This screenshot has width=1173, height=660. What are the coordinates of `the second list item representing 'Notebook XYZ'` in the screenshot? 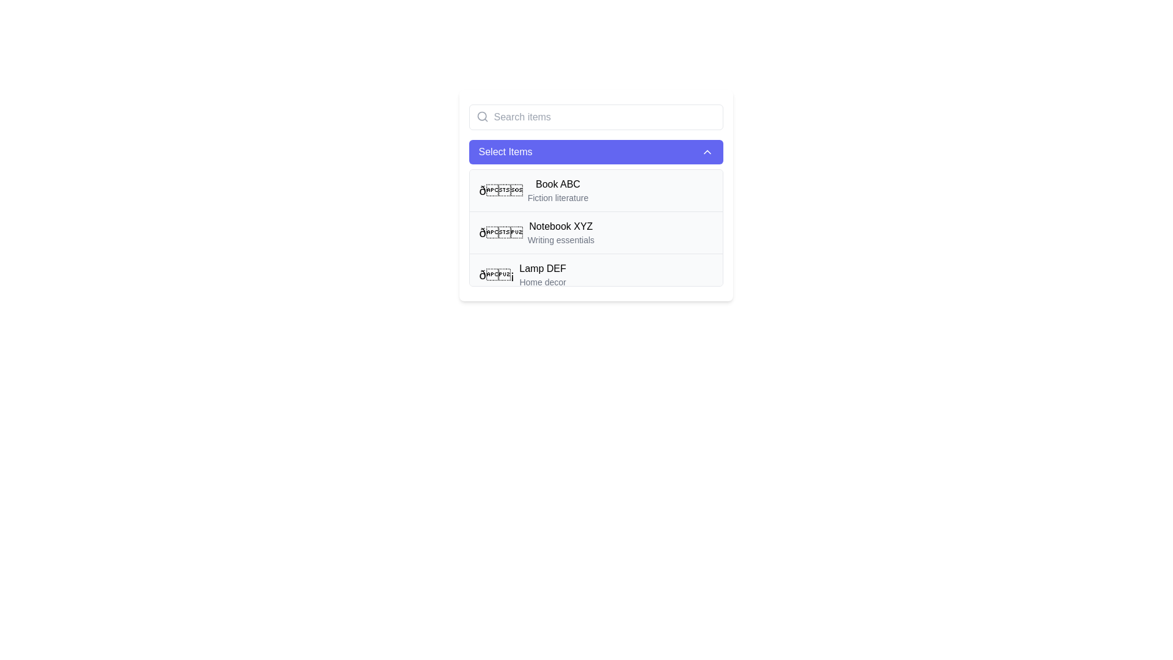 It's located at (596, 232).